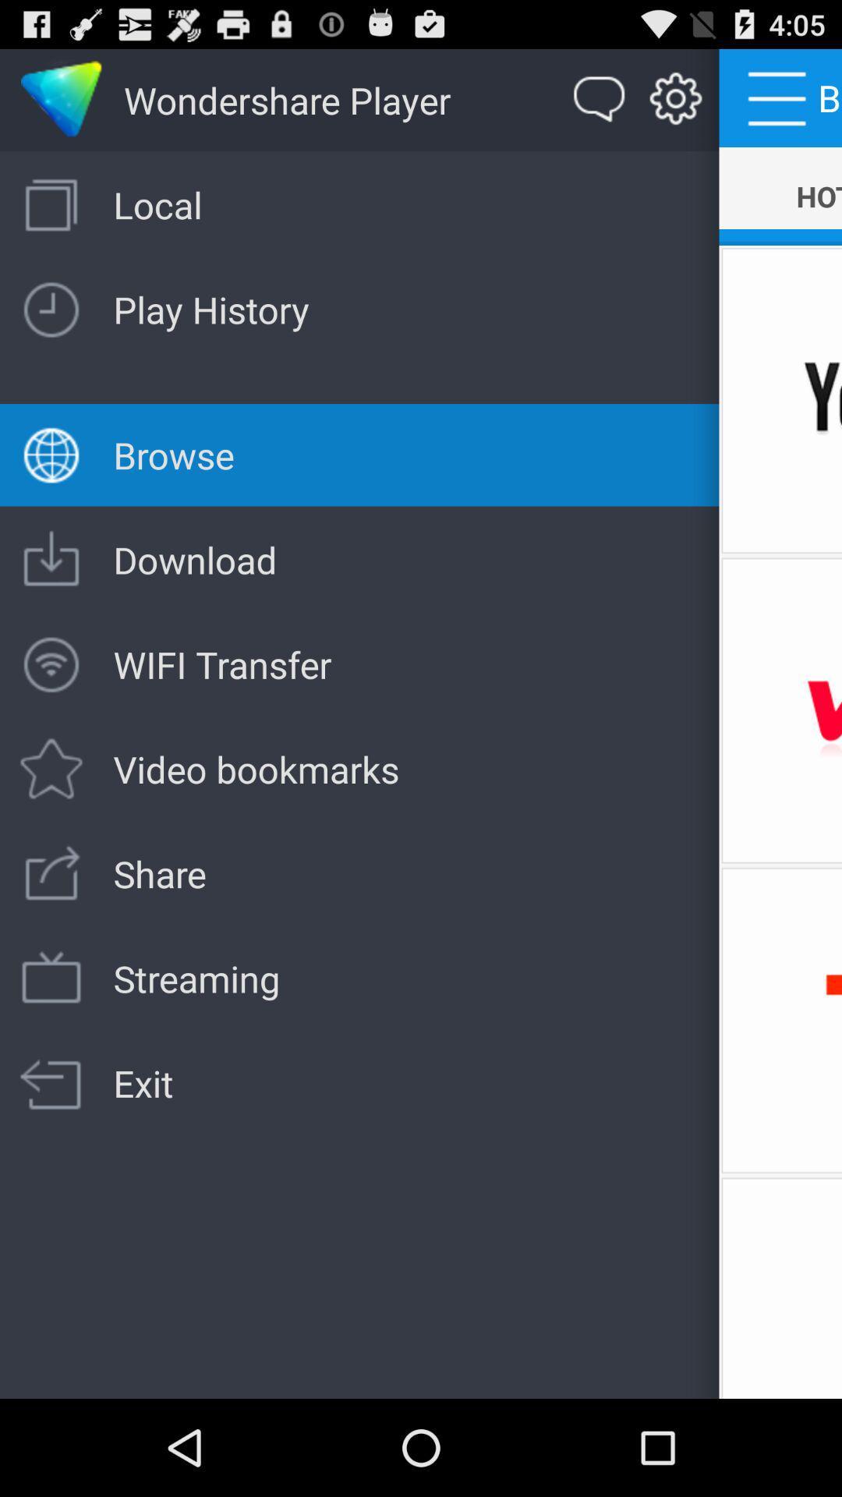 The width and height of the screenshot is (842, 1497). What do you see at coordinates (780, 97) in the screenshot?
I see `the menu  next to setting icon` at bounding box center [780, 97].